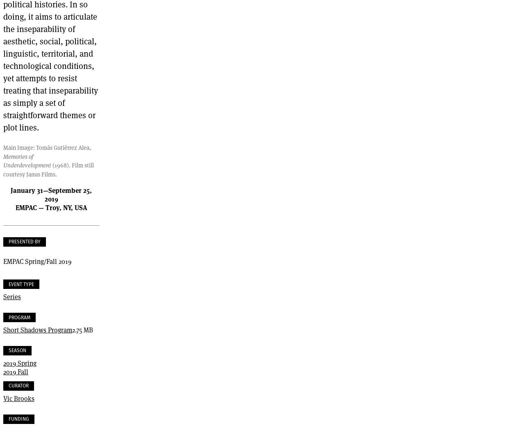 This screenshot has height=426, width=511. Describe the element at coordinates (25, 241) in the screenshot. I see `'Presented By'` at that location.